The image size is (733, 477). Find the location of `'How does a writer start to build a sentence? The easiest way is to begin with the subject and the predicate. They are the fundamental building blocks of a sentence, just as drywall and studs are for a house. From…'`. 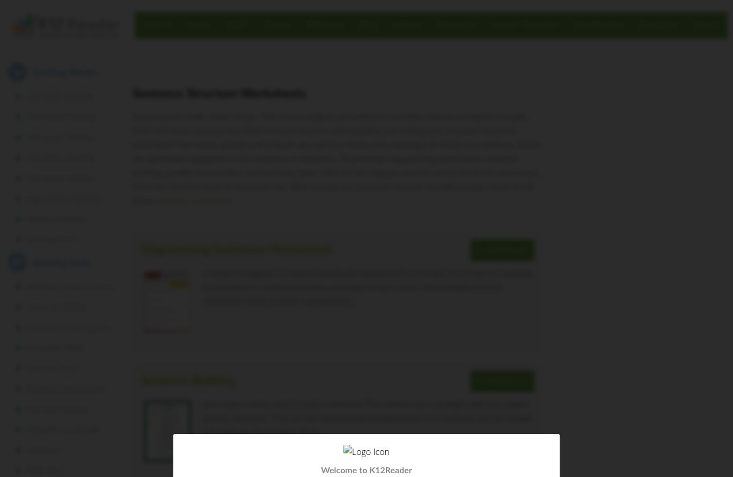

'How does a writer start to build a sentence? The easiest way is to begin with the subject and the predicate. They are the fundamental building blocks of a sentence, just as drywall and studs are for a house. From…' is located at coordinates (366, 417).